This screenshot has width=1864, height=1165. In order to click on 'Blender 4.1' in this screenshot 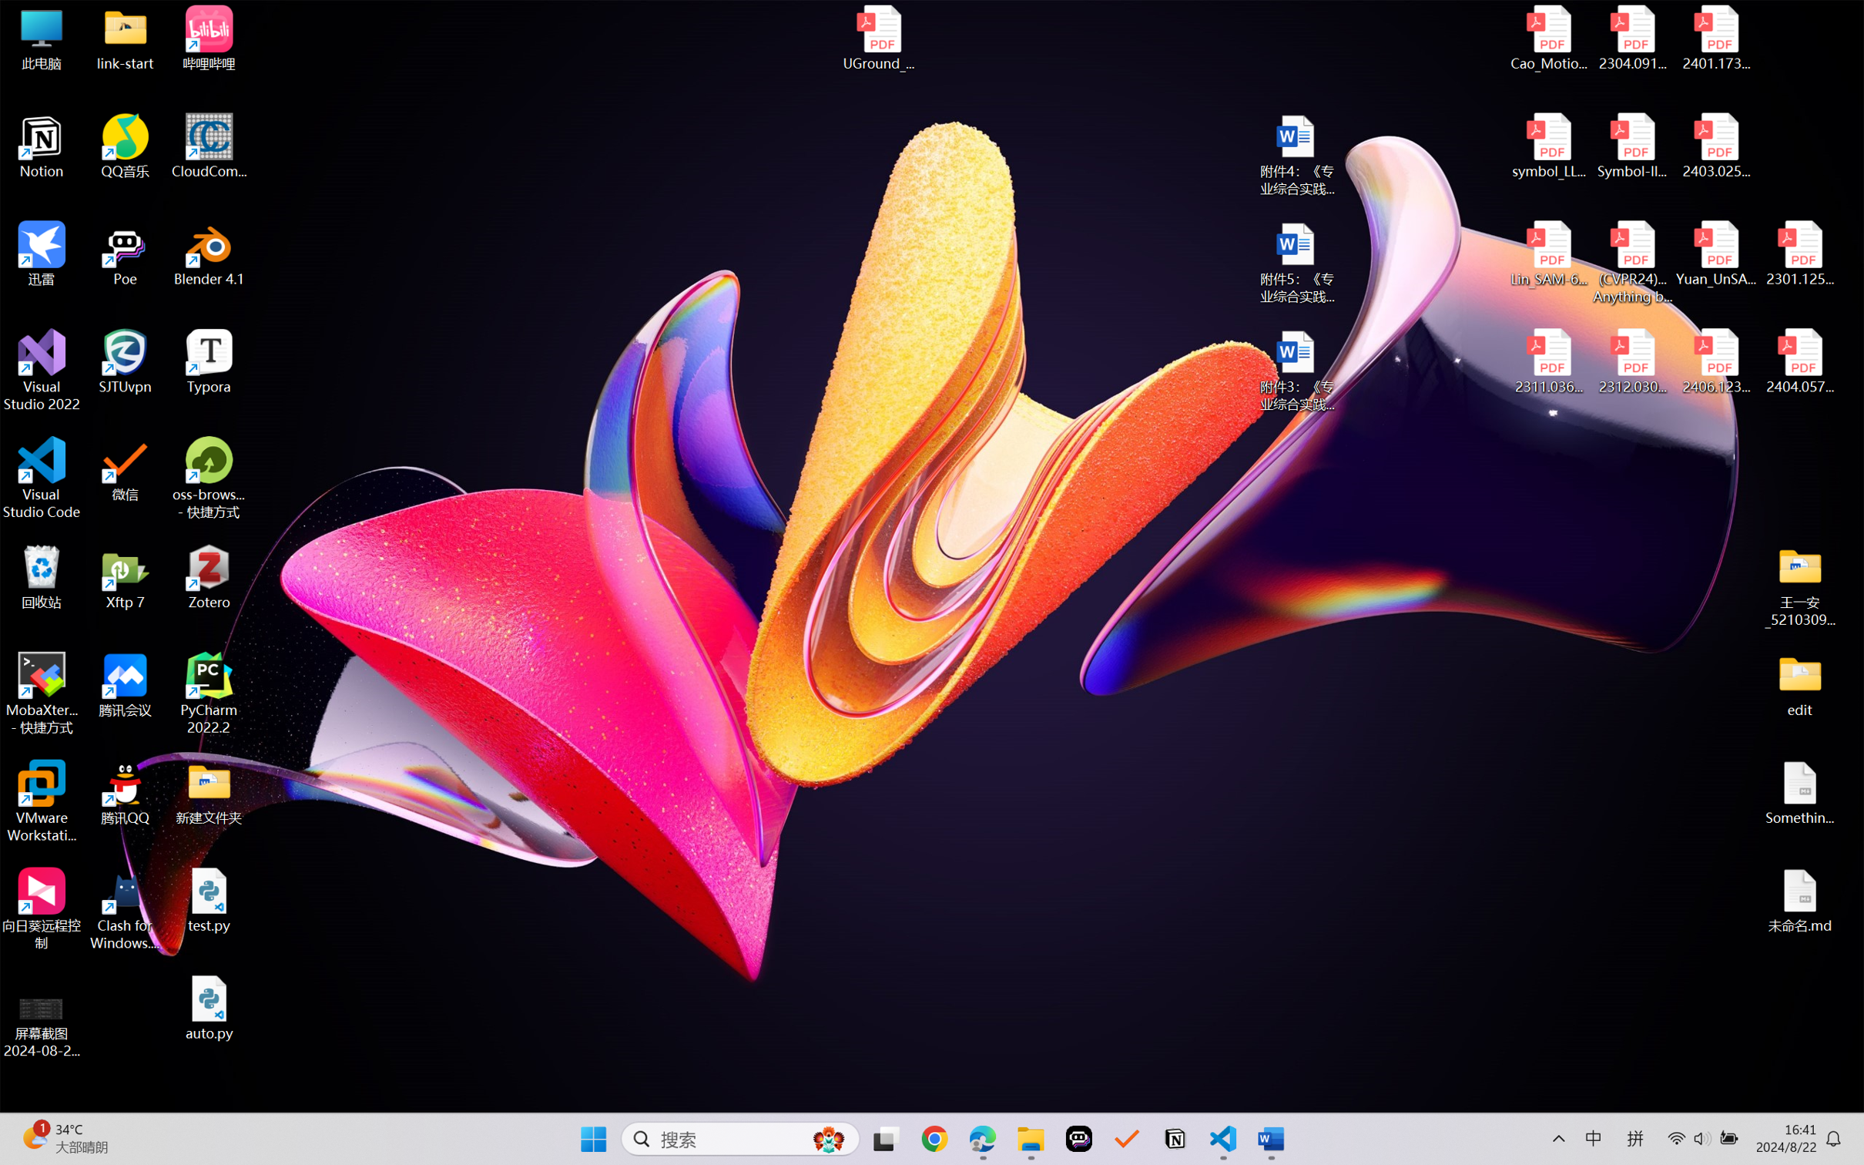, I will do `click(209, 253)`.